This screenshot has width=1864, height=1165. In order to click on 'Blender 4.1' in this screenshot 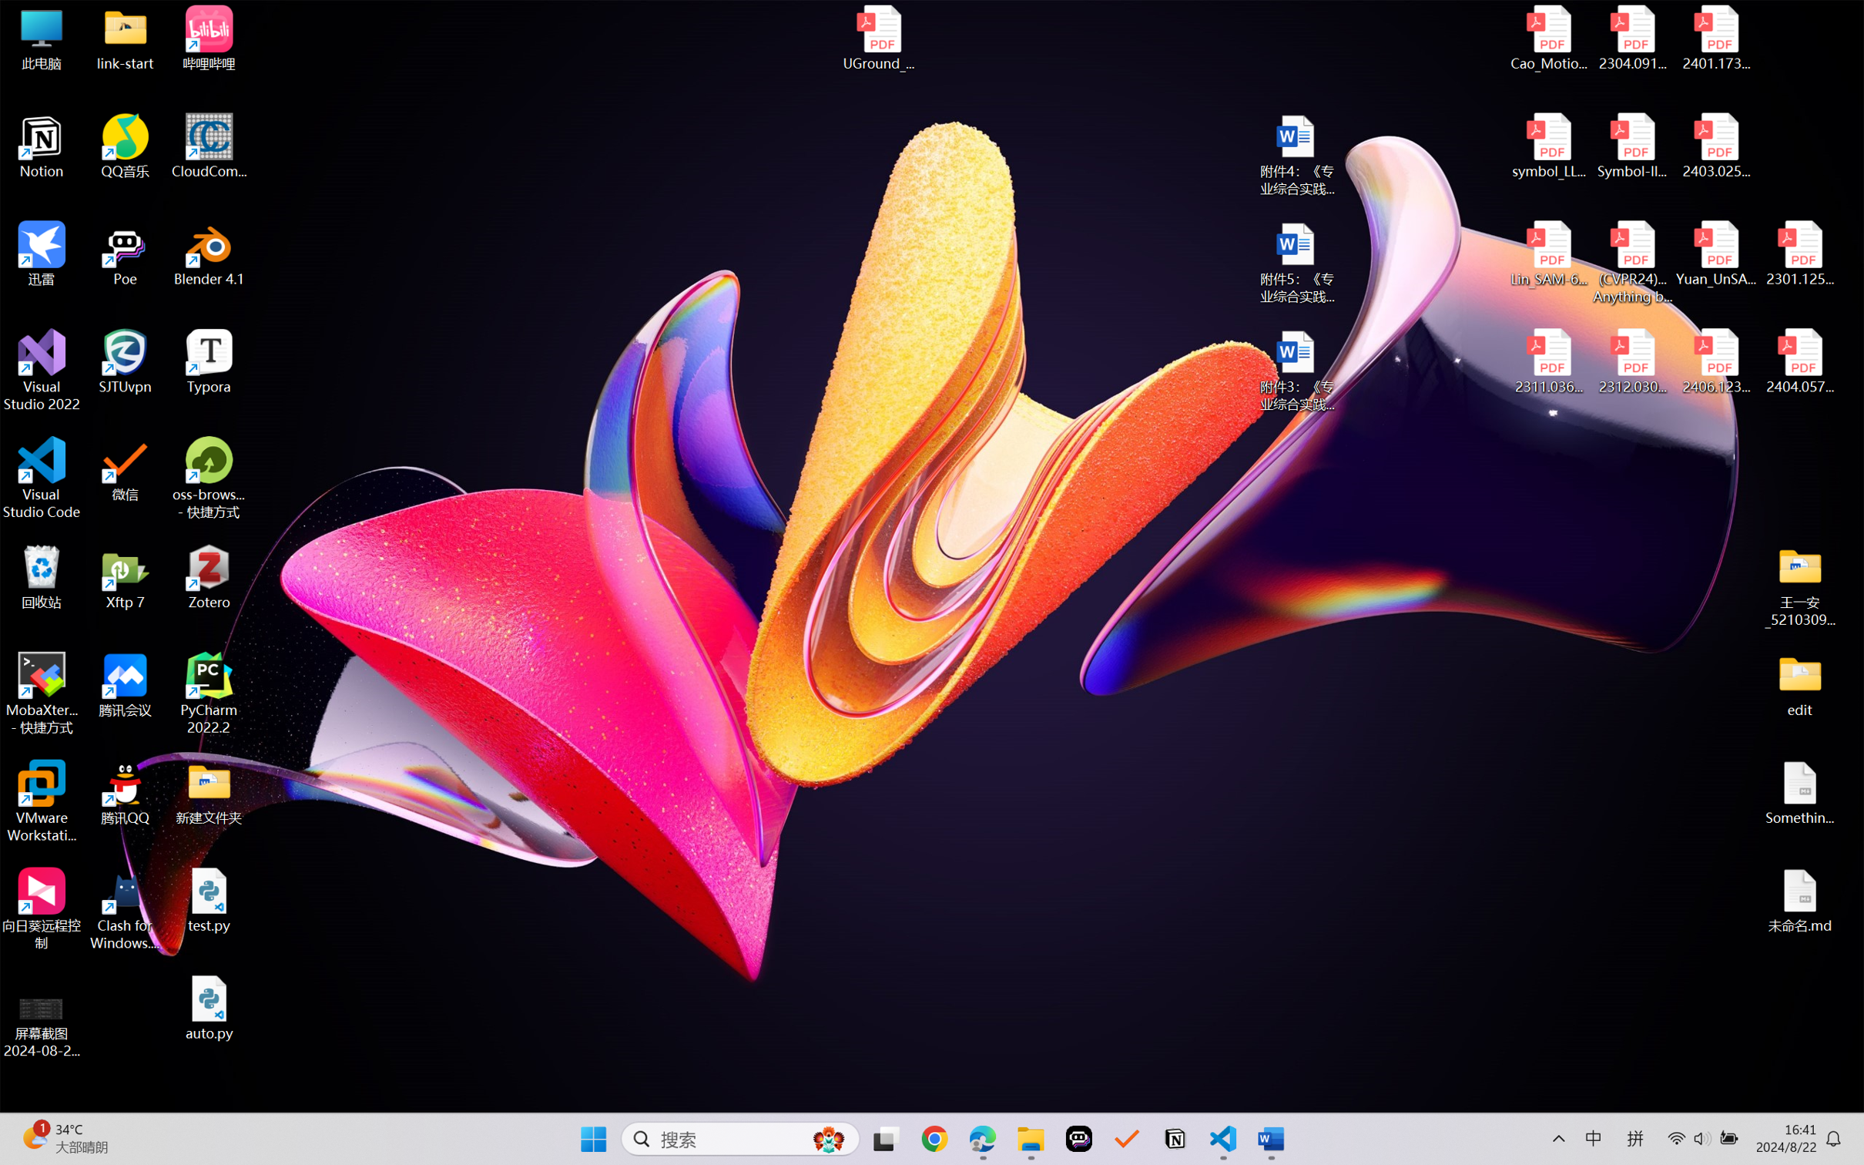, I will do `click(209, 253)`.